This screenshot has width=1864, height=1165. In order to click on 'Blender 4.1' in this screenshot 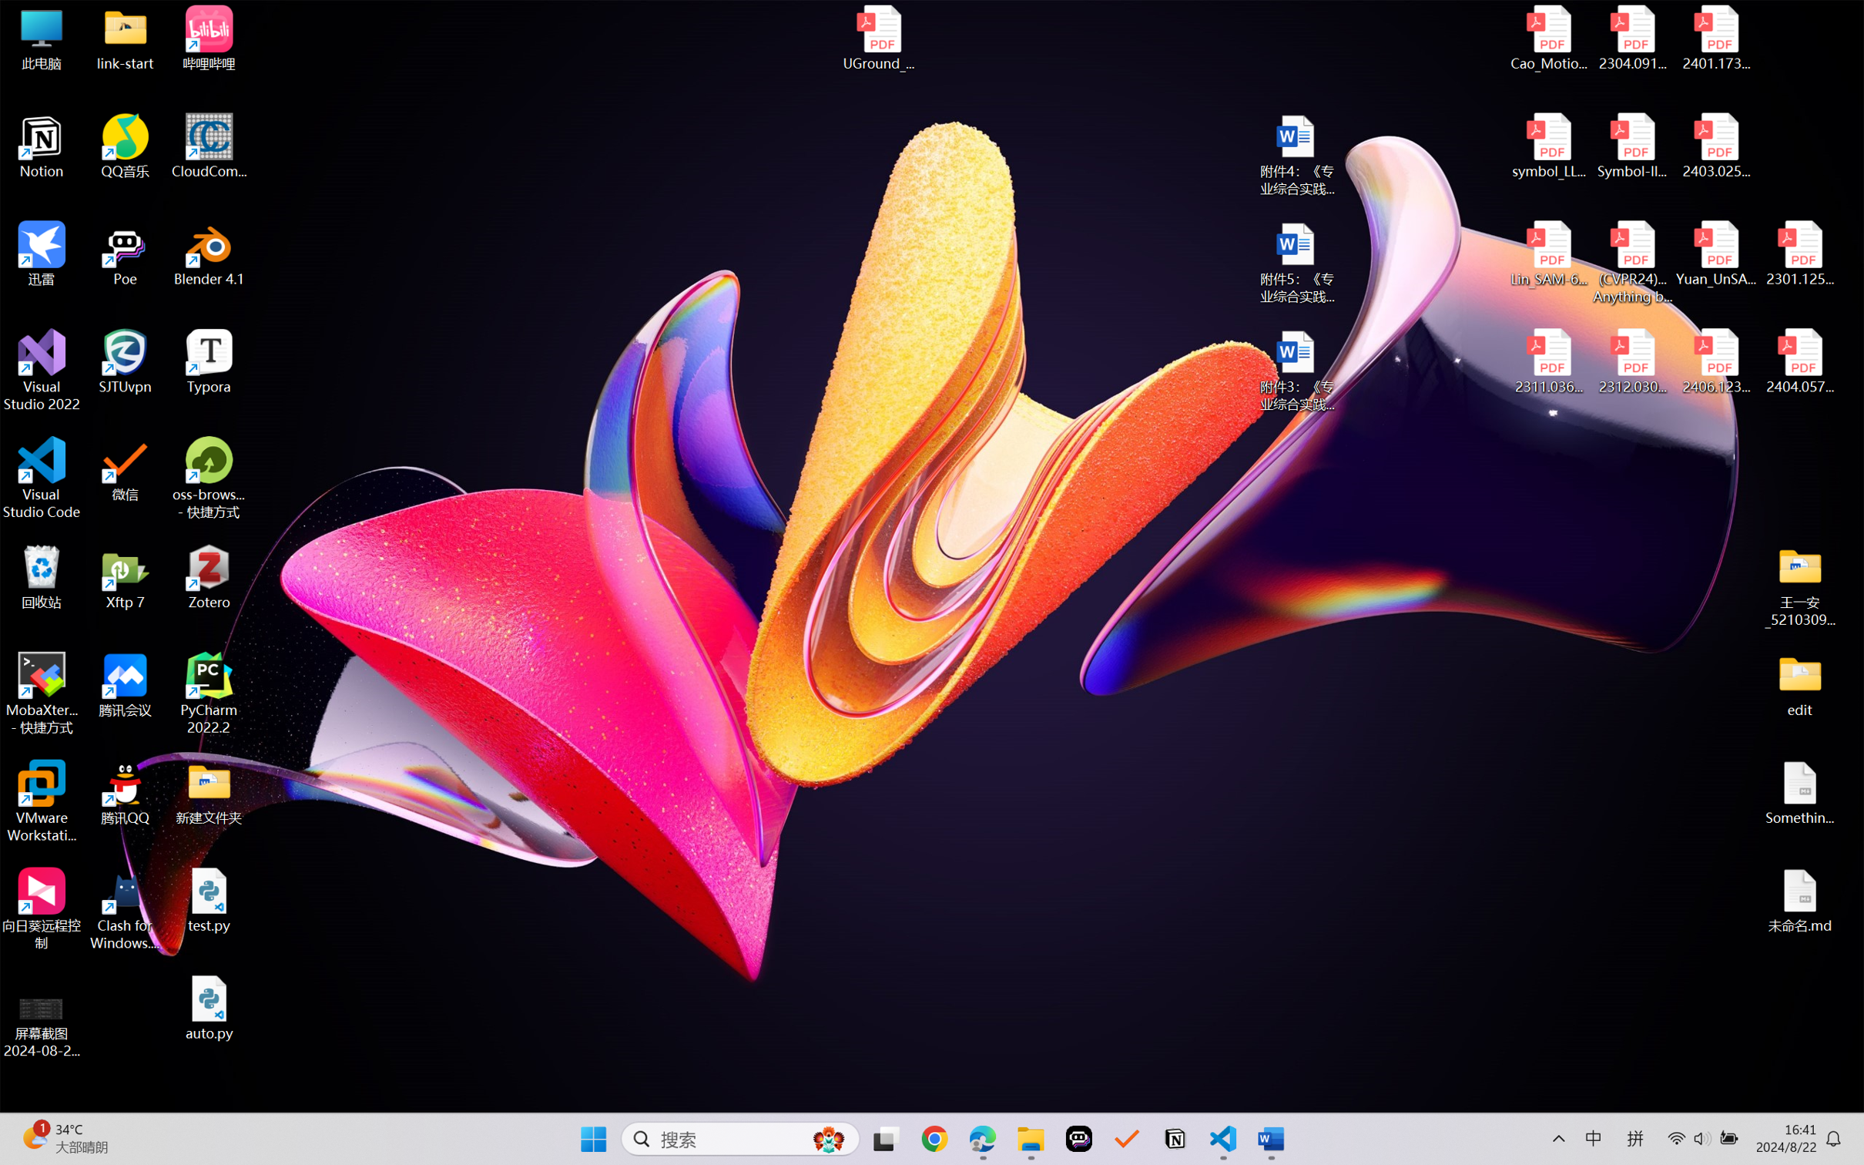, I will do `click(209, 253)`.